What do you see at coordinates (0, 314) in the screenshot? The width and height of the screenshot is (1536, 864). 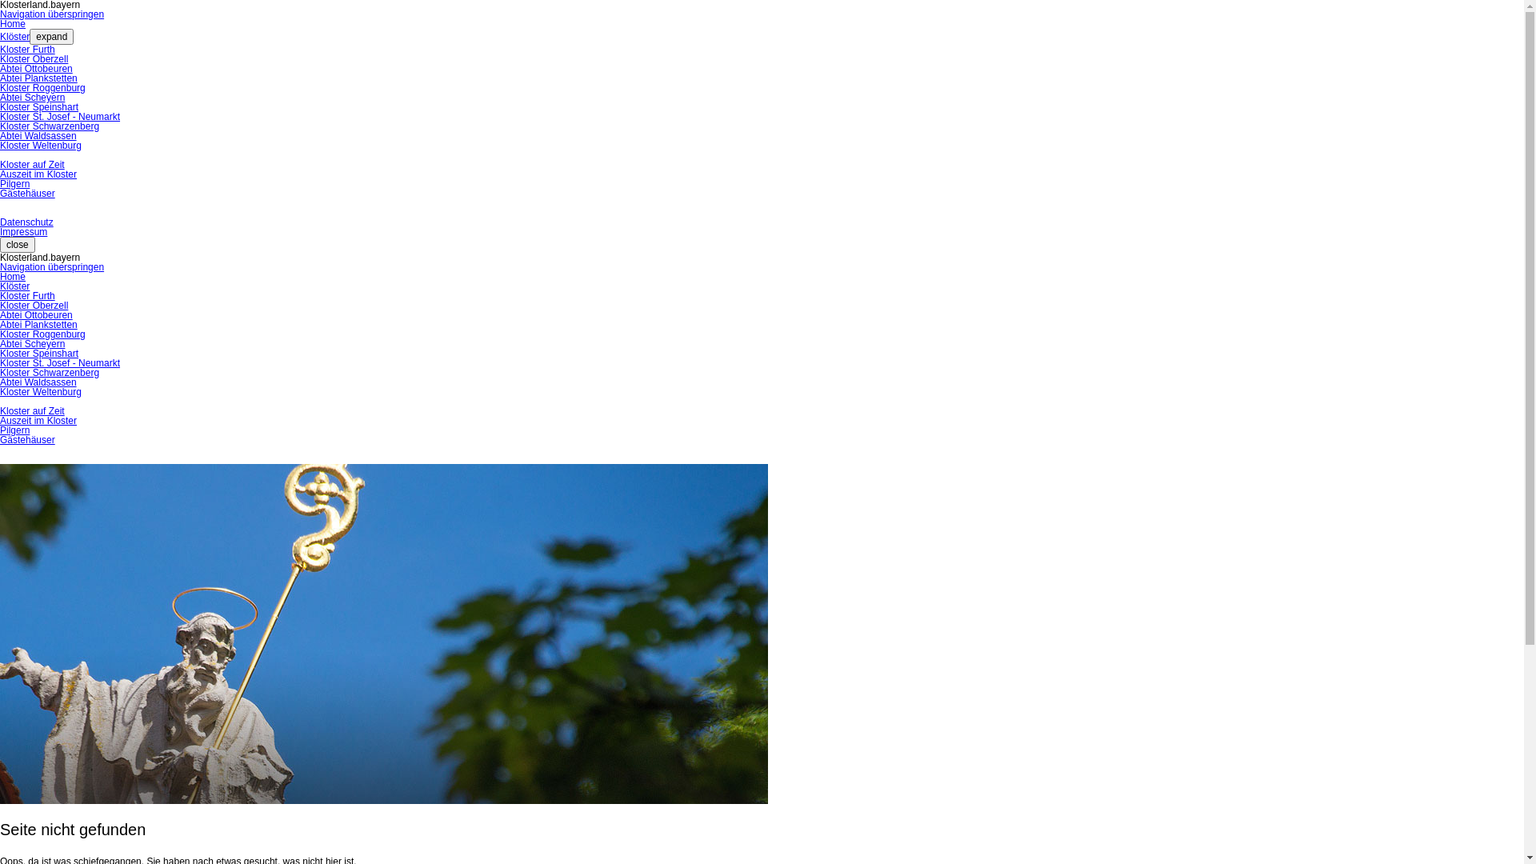 I see `'Abtei Ottobeuren'` at bounding box center [0, 314].